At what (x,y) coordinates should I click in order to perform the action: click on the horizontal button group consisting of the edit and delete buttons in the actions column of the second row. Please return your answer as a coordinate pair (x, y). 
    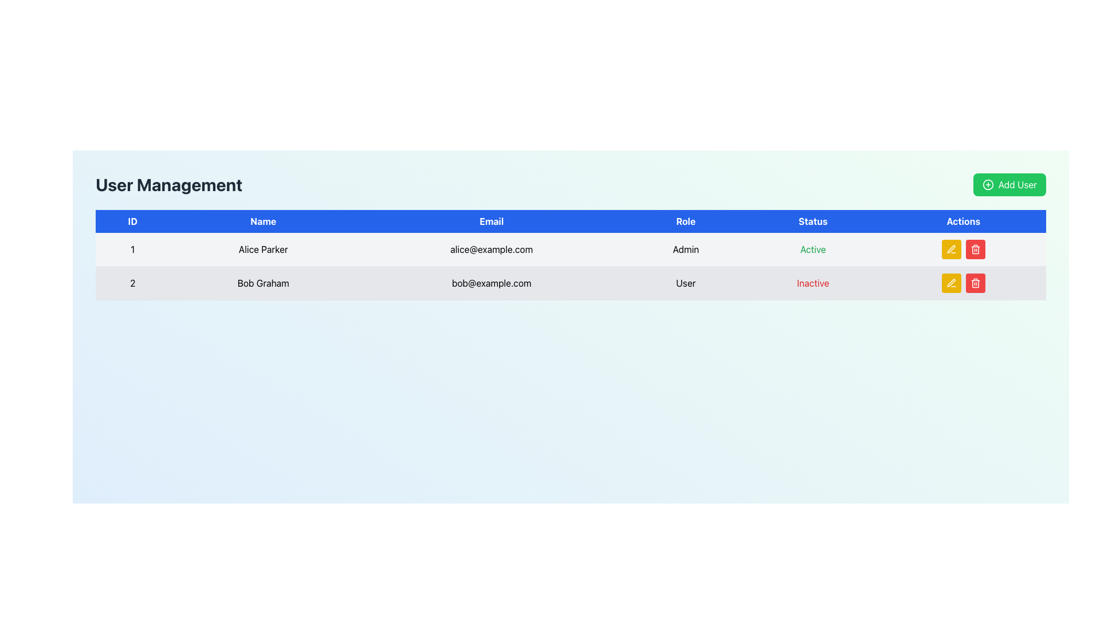
    Looking at the image, I should click on (962, 283).